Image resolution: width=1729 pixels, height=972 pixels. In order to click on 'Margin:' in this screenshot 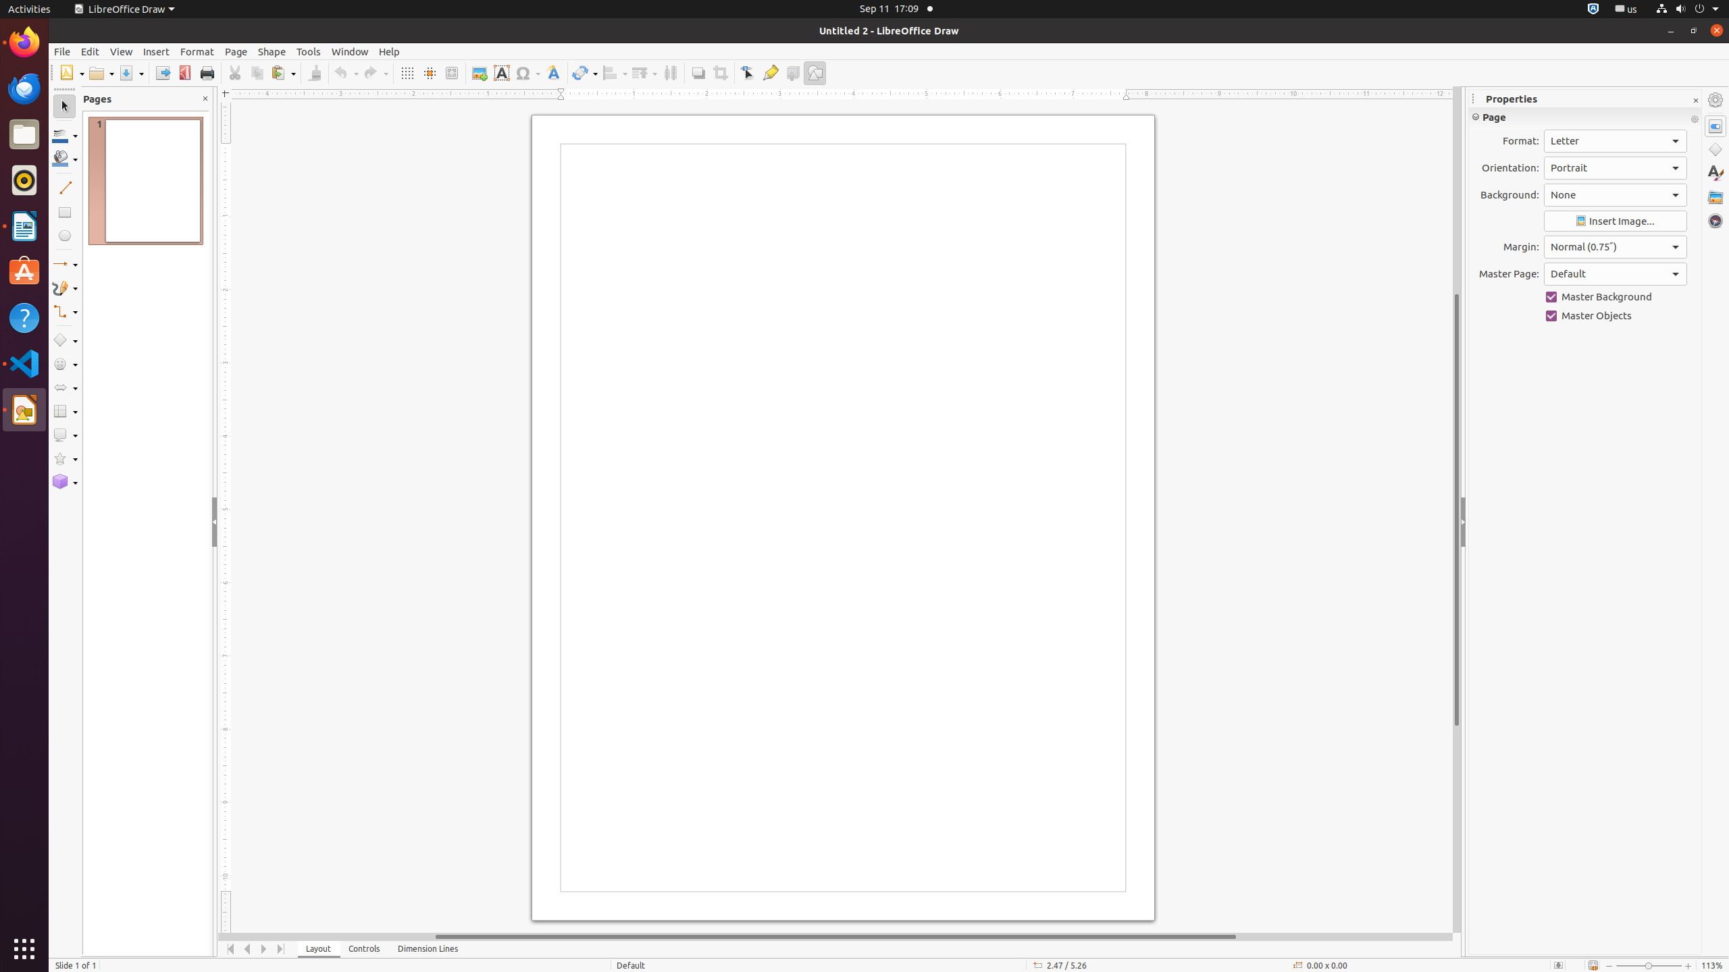, I will do `click(1616, 246)`.